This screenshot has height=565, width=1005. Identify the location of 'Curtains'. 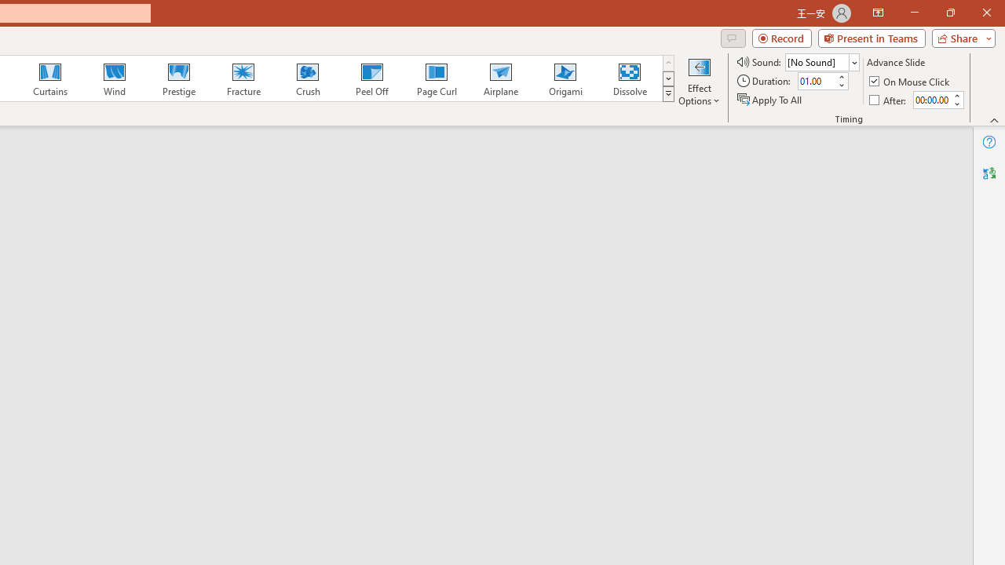
(50, 78).